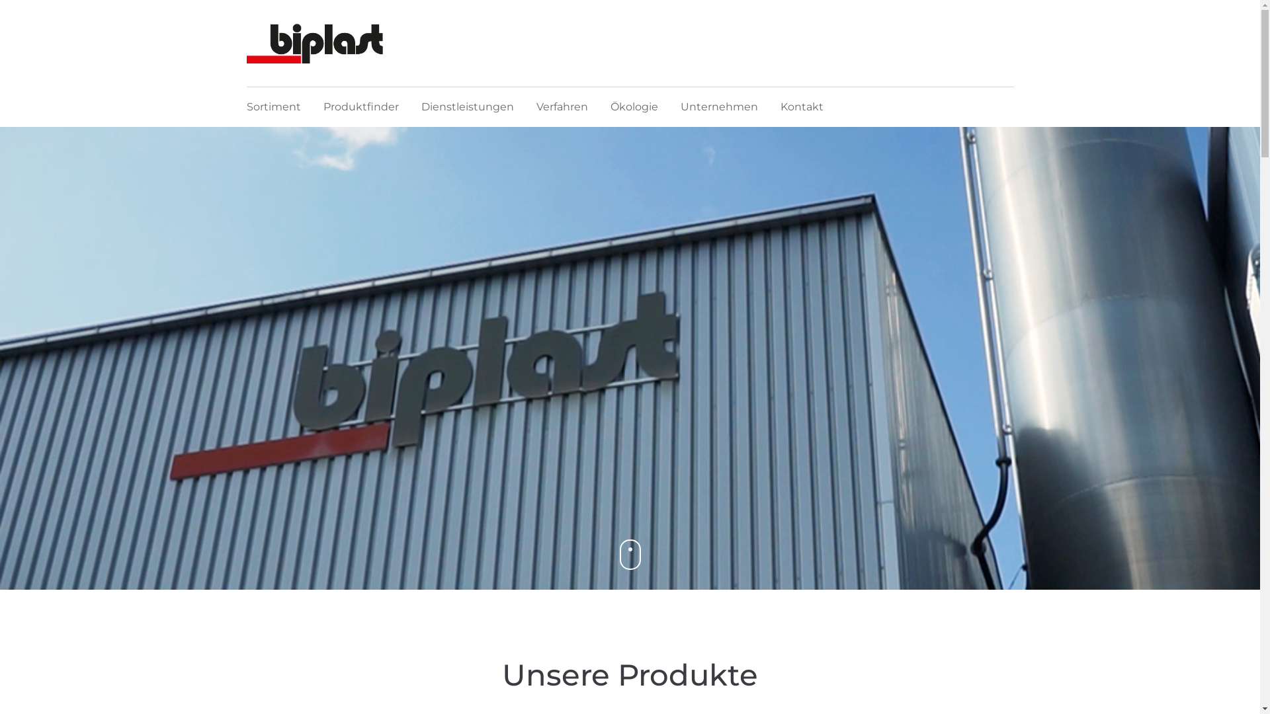 Image resolution: width=1270 pixels, height=714 pixels. What do you see at coordinates (562, 106) in the screenshot?
I see `'Verfahren'` at bounding box center [562, 106].